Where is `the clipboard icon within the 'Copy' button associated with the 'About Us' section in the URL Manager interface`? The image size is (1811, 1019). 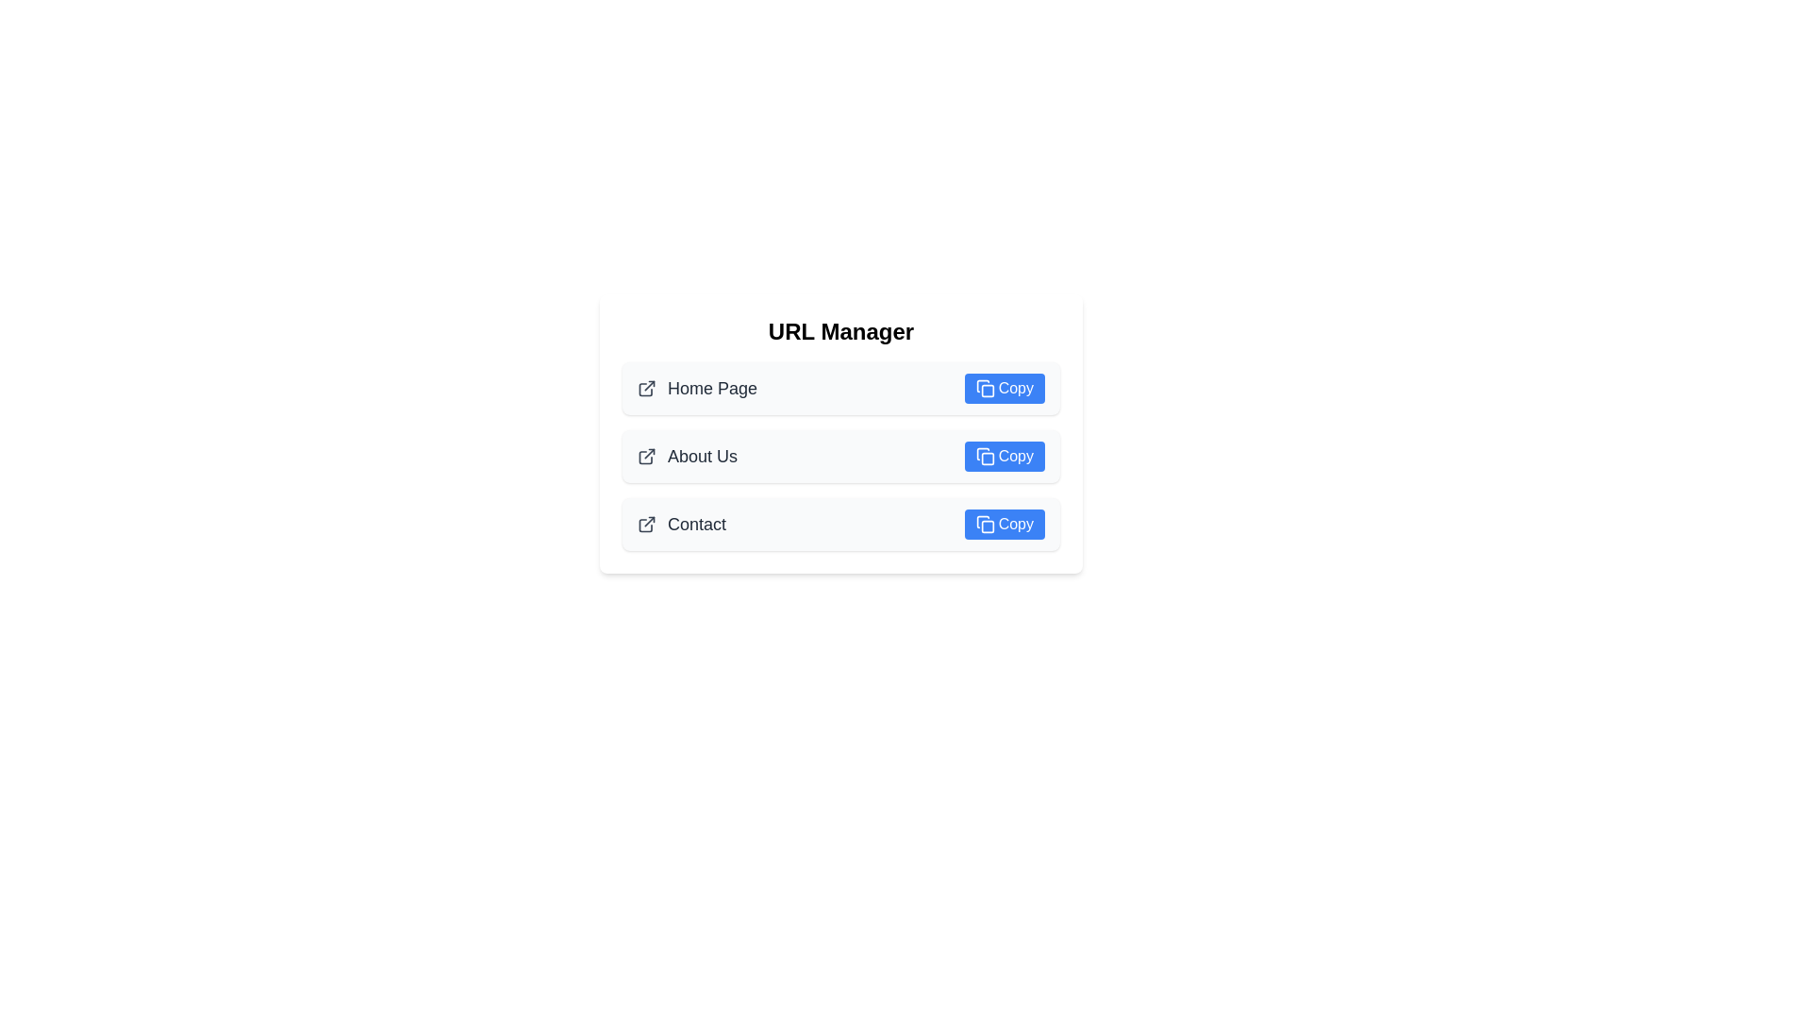
the clipboard icon within the 'Copy' button associated with the 'About Us' section in the URL Manager interface is located at coordinates (982, 454).